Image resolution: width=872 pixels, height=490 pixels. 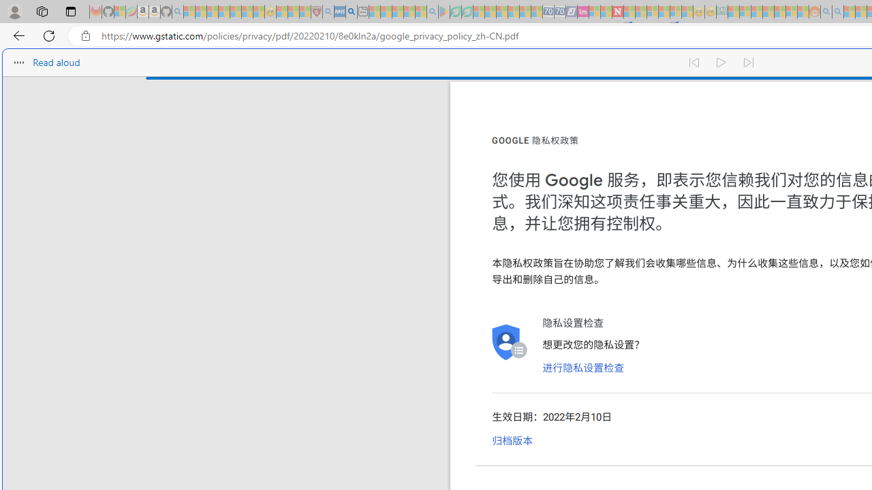 I want to click on 'Read previous paragraph', so click(x=694, y=63).